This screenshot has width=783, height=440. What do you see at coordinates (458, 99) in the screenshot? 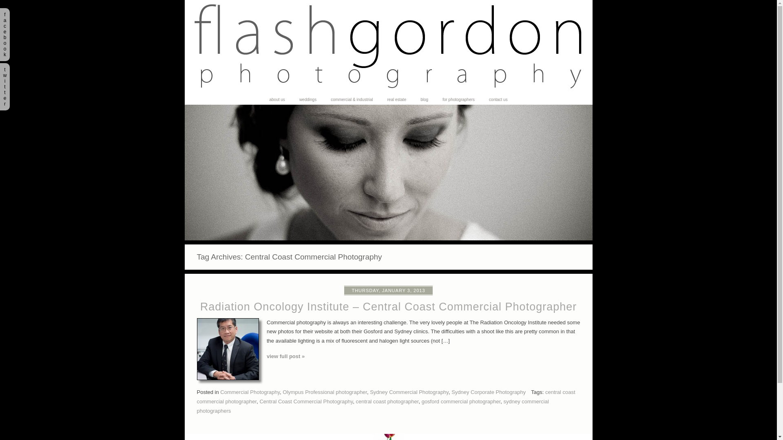
I see `'for photographers'` at bounding box center [458, 99].